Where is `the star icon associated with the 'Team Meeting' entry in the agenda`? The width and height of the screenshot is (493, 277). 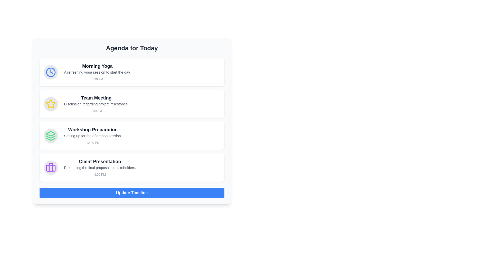
the star icon associated with the 'Team Meeting' entry in the agenda is located at coordinates (51, 104).